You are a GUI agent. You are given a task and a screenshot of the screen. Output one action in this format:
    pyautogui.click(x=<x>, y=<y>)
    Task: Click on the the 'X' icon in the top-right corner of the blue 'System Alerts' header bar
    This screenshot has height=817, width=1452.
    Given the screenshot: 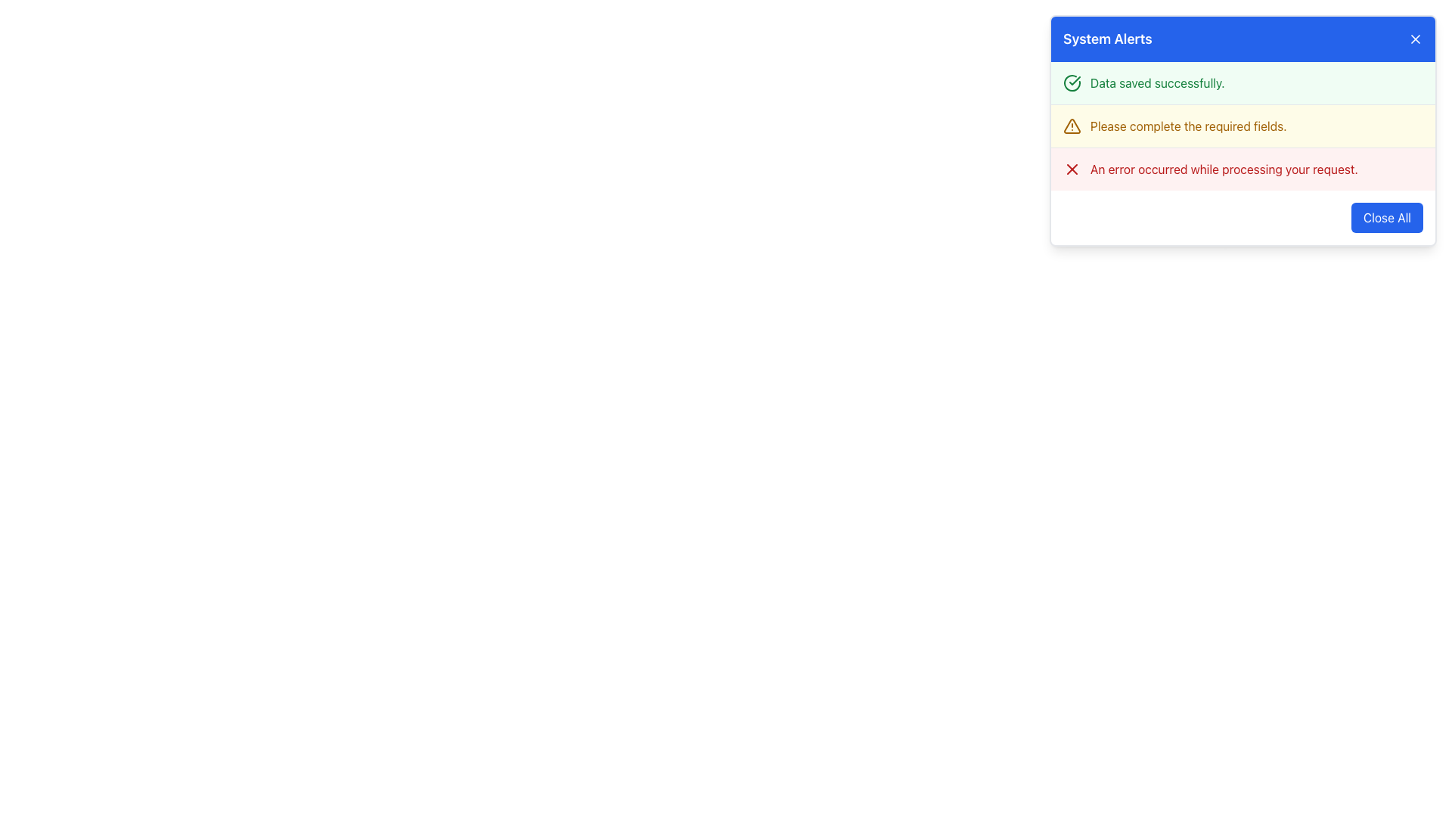 What is the action you would take?
    pyautogui.click(x=1415, y=38)
    